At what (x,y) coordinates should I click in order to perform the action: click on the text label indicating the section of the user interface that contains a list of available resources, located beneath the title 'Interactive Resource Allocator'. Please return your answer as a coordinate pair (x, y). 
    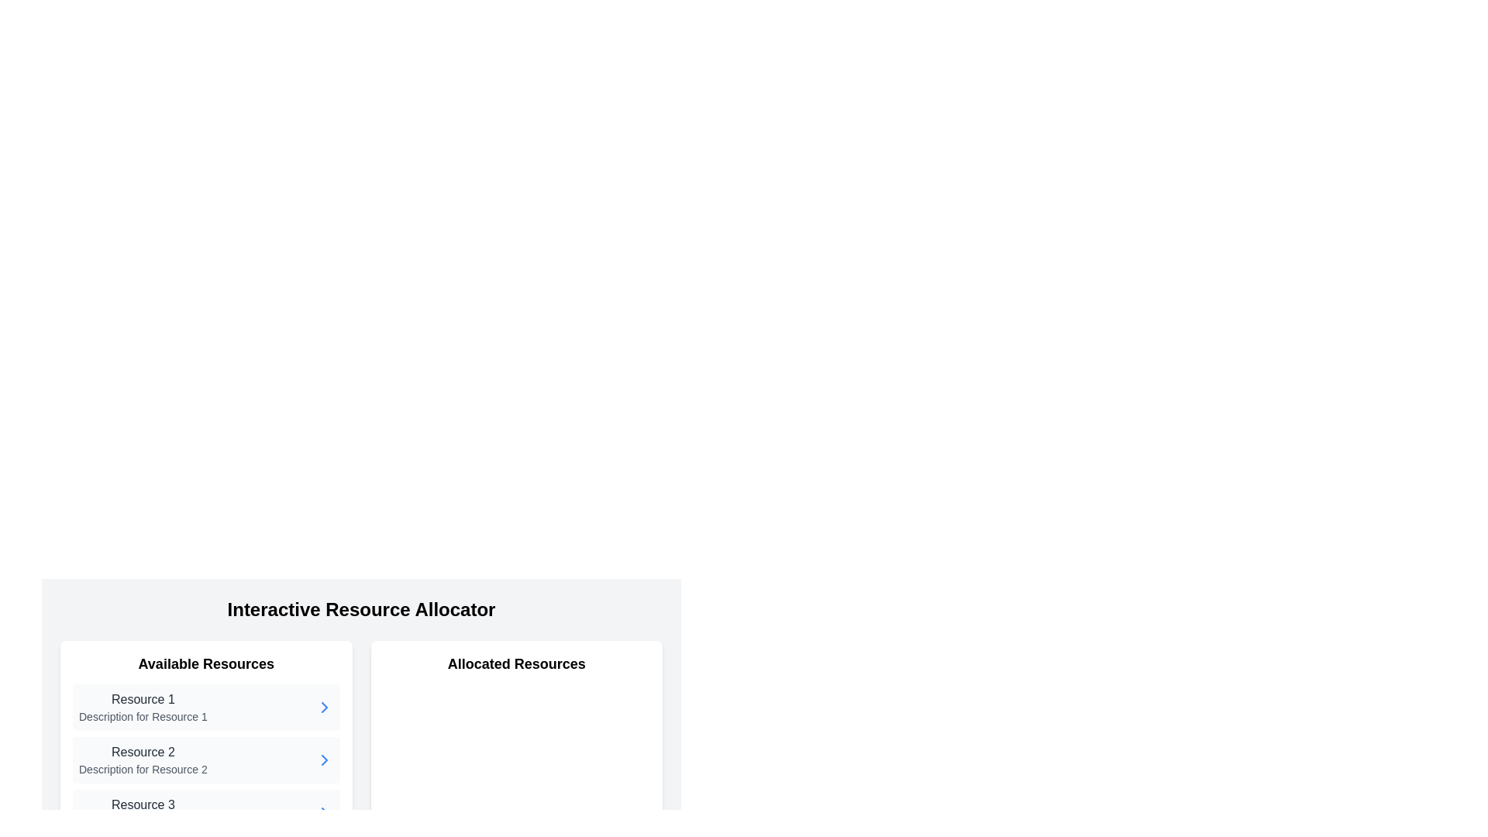
    Looking at the image, I should click on (205, 663).